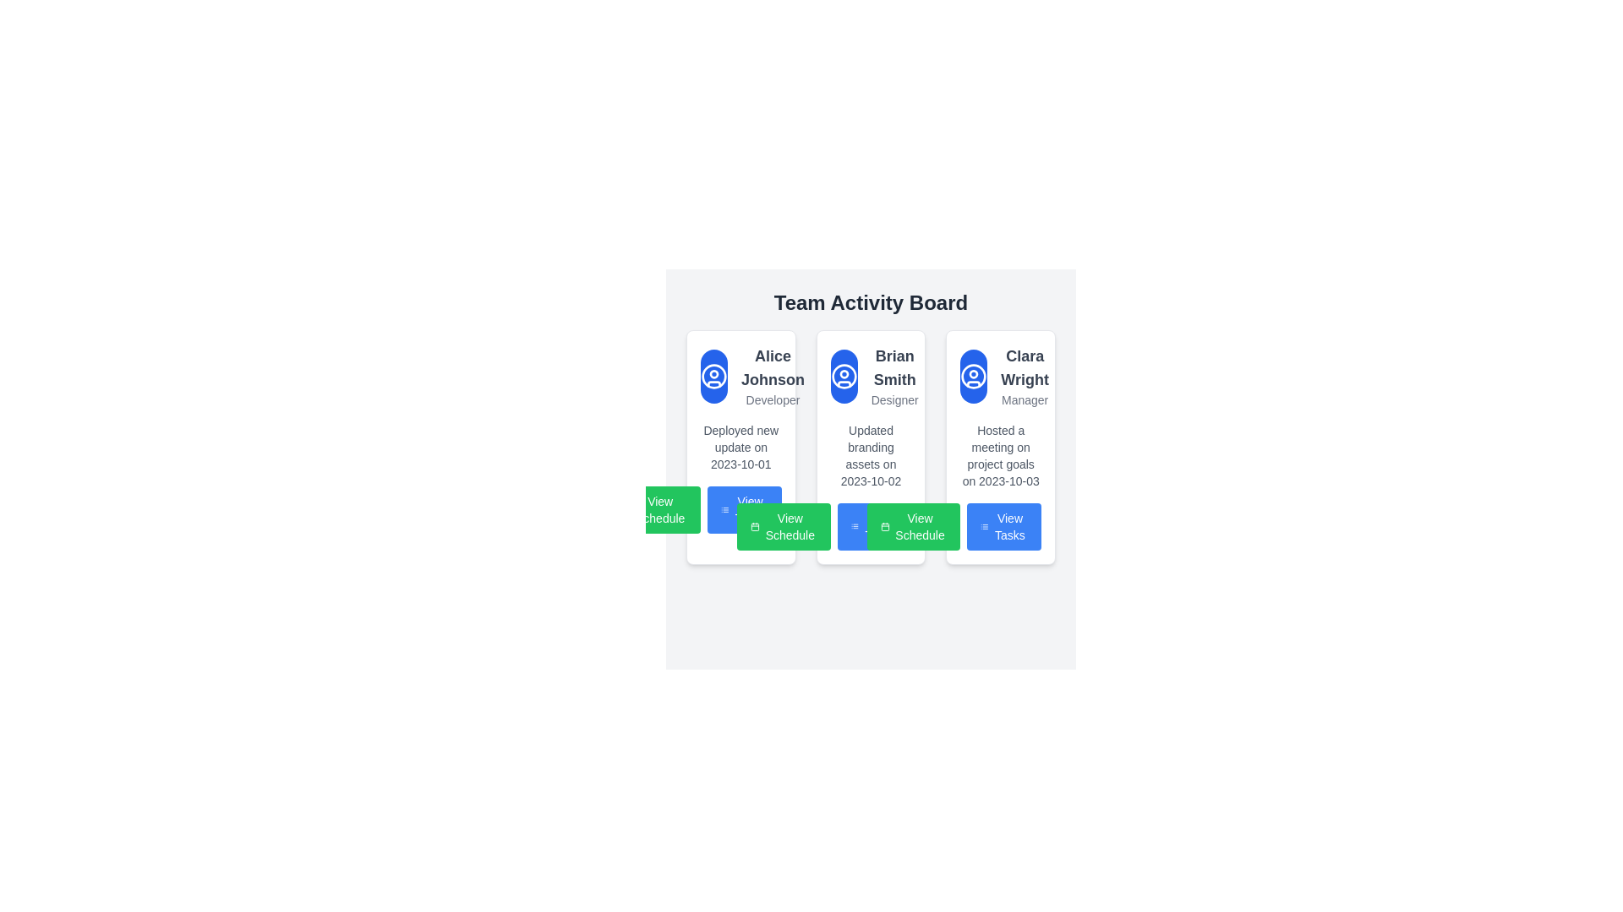  What do you see at coordinates (1024, 376) in the screenshot?
I see `text displayed in the bold title 'Clara Wright' and the subtitle 'Manager' from the text label located in the rightmost card of the Team Activity Board` at bounding box center [1024, 376].